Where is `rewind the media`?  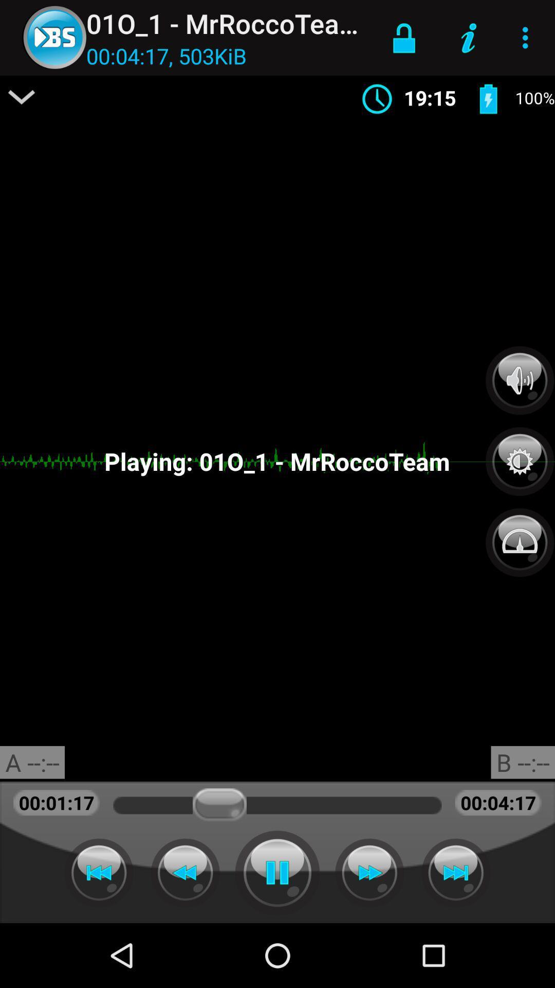
rewind the media is located at coordinates (99, 872).